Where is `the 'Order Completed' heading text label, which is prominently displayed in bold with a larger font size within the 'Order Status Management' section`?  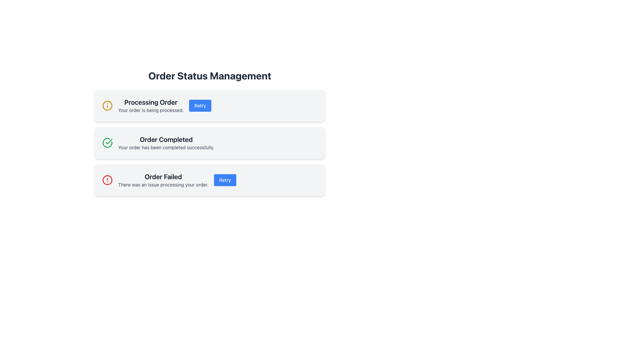
the 'Order Completed' heading text label, which is prominently displayed in bold with a larger font size within the 'Order Status Management' section is located at coordinates (166, 139).